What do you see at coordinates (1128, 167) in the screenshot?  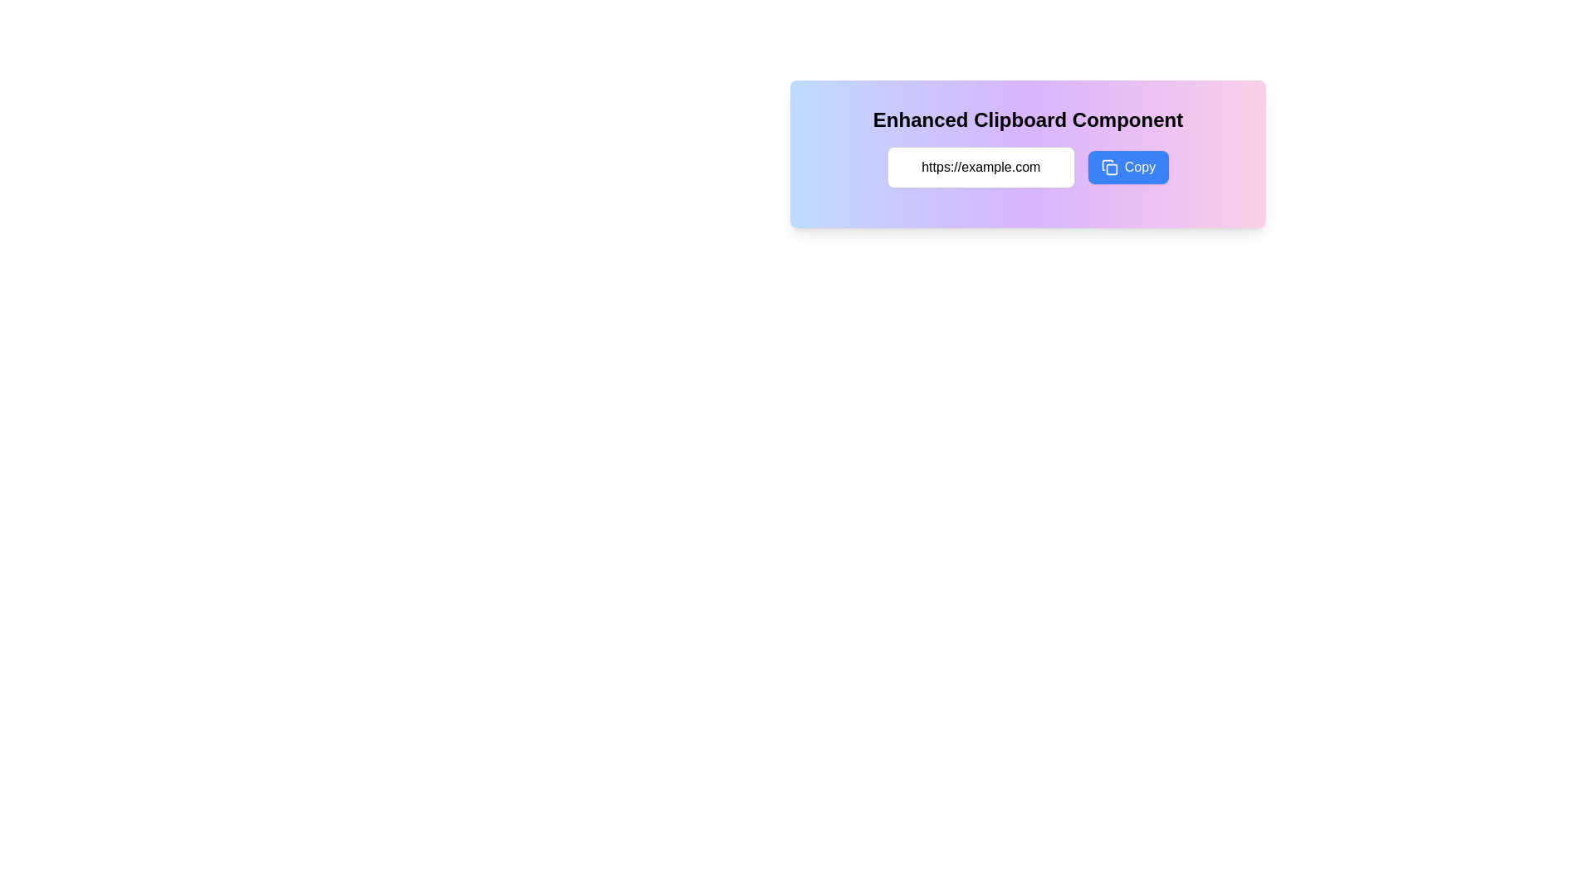 I see `the blue 'Copy' button located to the right of the URL input field to copy the URL` at bounding box center [1128, 167].